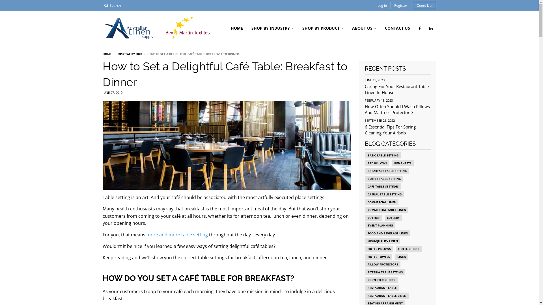 Image resolution: width=543 pixels, height=305 pixels. What do you see at coordinates (273, 28) in the screenshot?
I see `'SHOP BY INDUSTRY'` at bounding box center [273, 28].